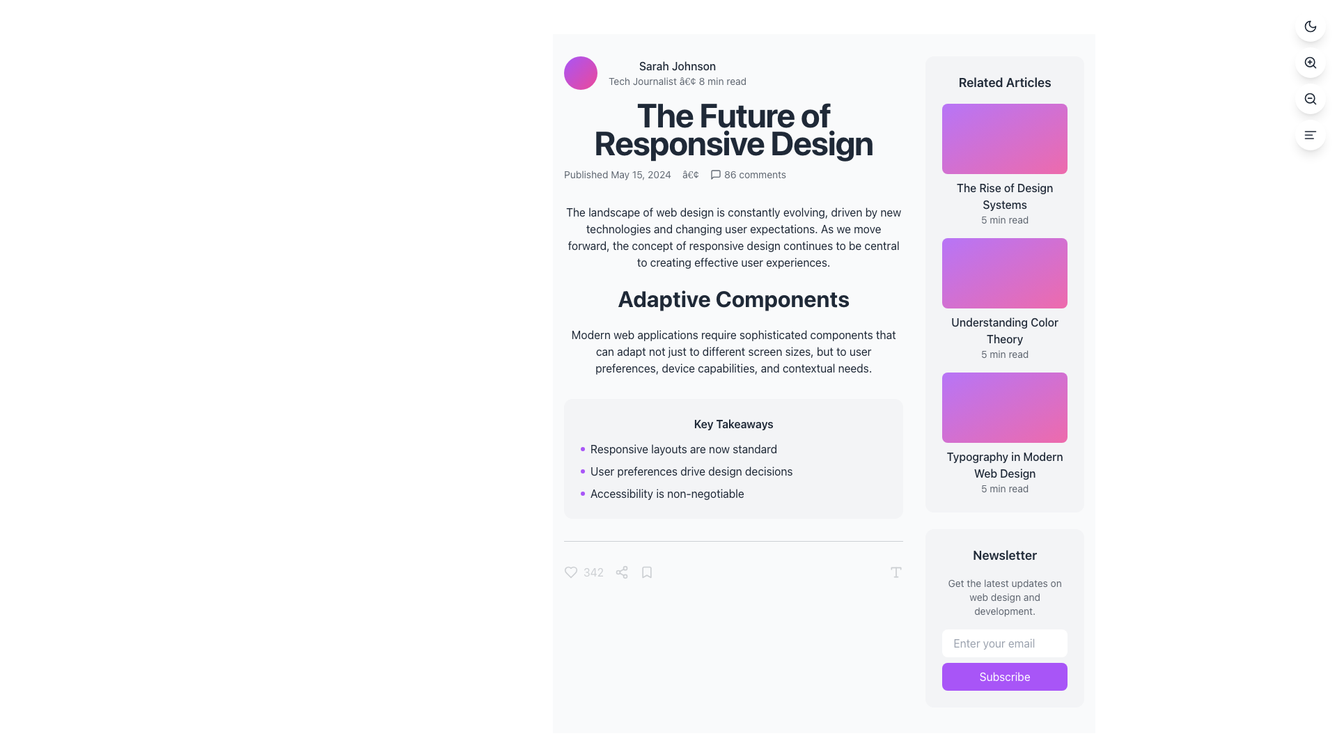 The width and height of the screenshot is (1337, 752). What do you see at coordinates (1005, 219) in the screenshot?
I see `the static text label displaying '5 min read' located in the 'Related Articles' section, positioned beneath the title 'The Rise of Design Systems'` at bounding box center [1005, 219].